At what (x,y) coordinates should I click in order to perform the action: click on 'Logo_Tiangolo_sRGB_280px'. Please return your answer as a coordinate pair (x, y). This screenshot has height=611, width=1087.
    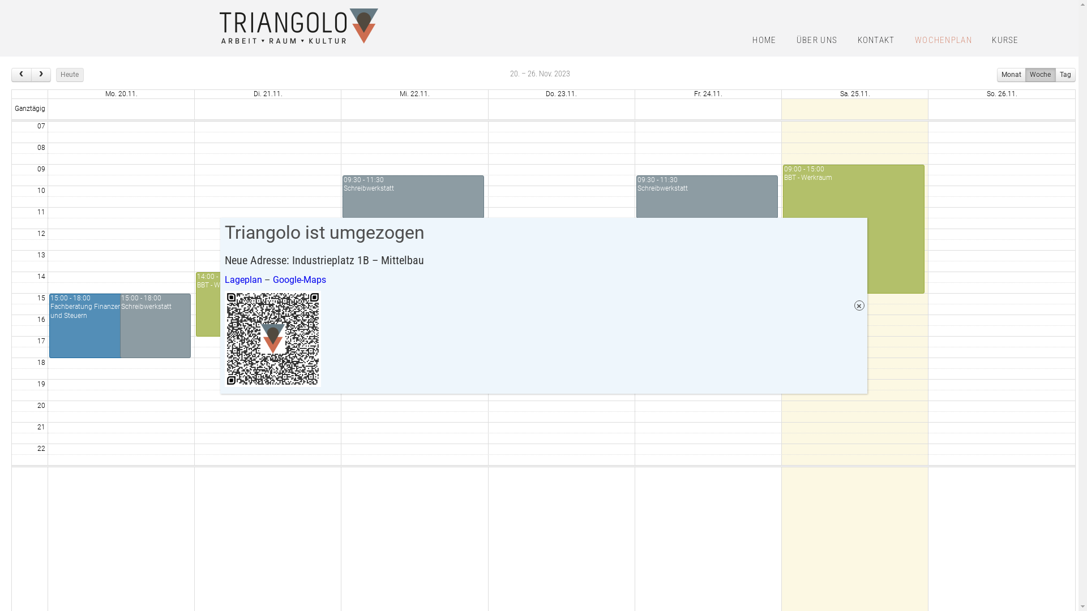
    Looking at the image, I should click on (299, 25).